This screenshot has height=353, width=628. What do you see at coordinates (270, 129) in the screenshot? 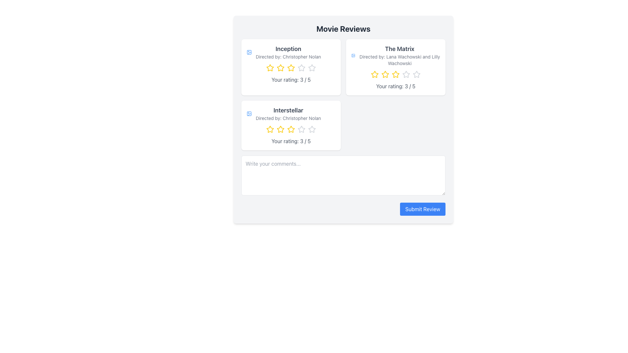
I see `the first star icon in the rating row for the movie 'Interstellar'` at bounding box center [270, 129].